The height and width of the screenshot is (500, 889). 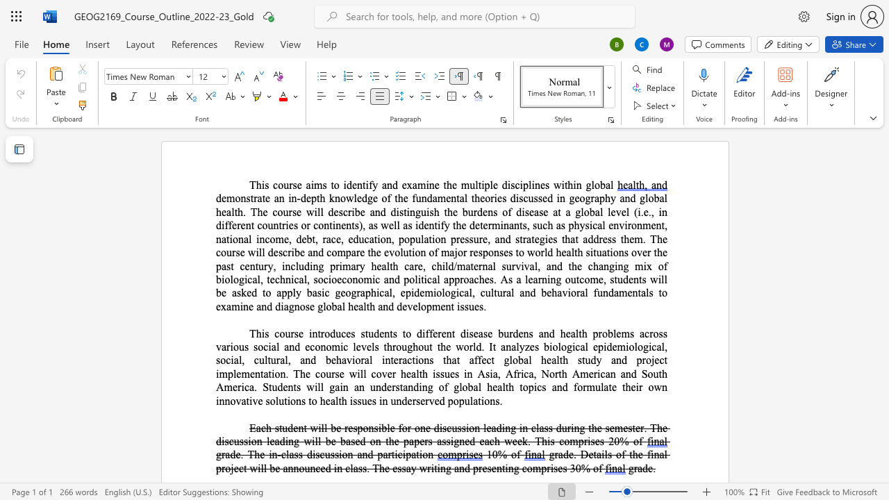 I want to click on the space between the continuous character "m" and "." in the text, so click(x=640, y=238).